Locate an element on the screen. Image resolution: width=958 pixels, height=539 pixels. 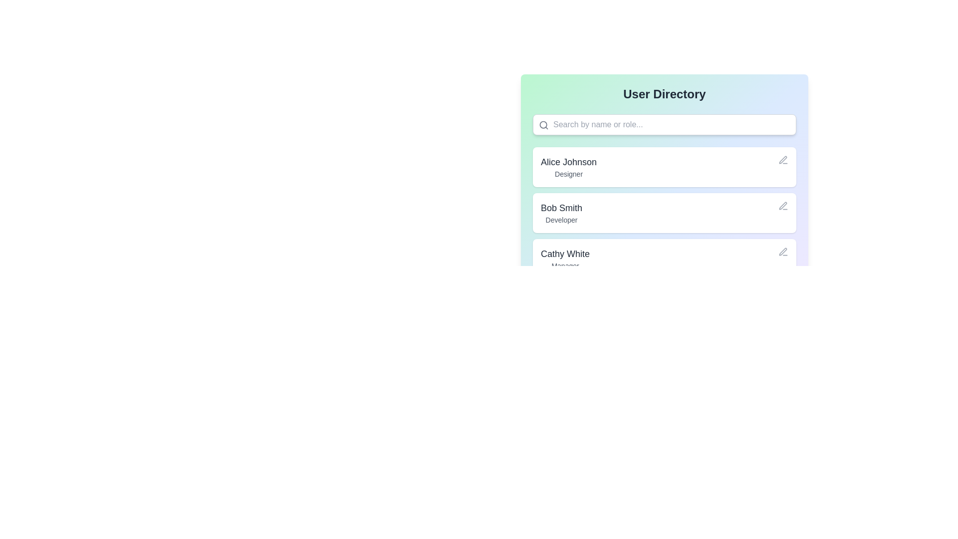
the decorative SVG magnifying glass icon located at the left end of the search field in the user interface, which is the first visual component in the 'User Directory' header is located at coordinates (543, 124).